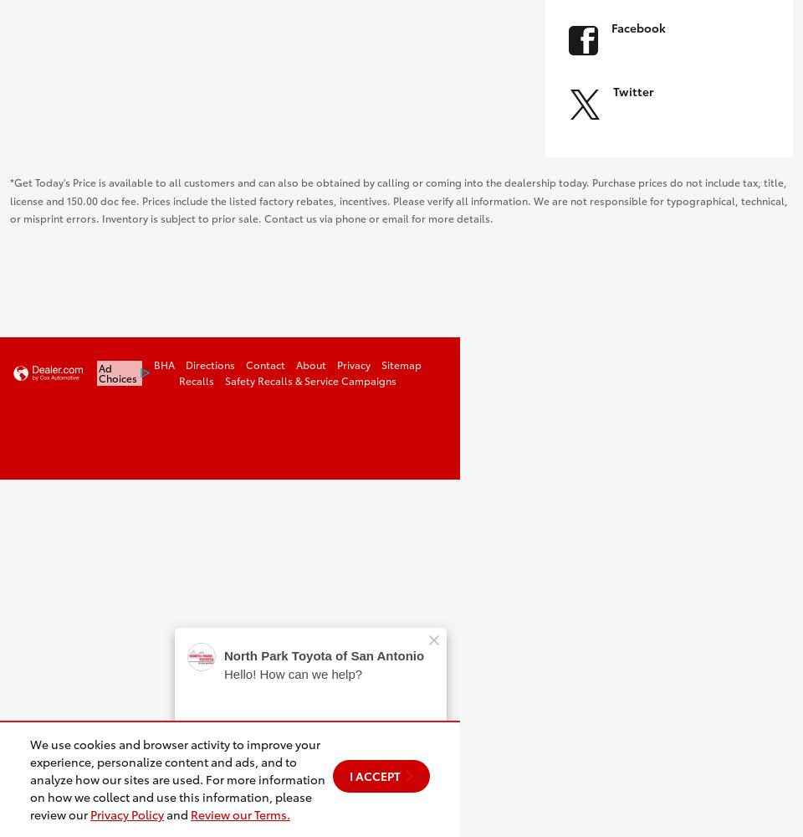  What do you see at coordinates (353, 364) in the screenshot?
I see `'Privacy'` at bounding box center [353, 364].